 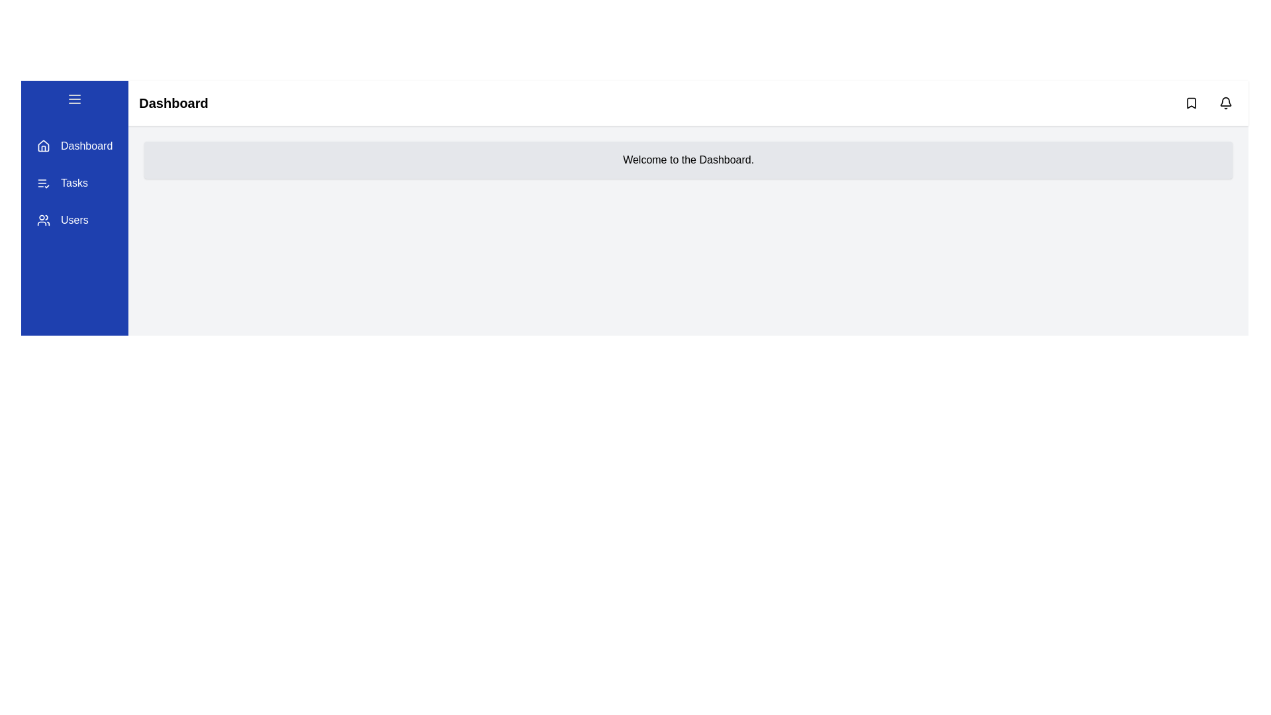 What do you see at coordinates (73, 219) in the screenshot?
I see `the text label 'Users' styled in white font against a blue background in the sidebar navigation menu` at bounding box center [73, 219].